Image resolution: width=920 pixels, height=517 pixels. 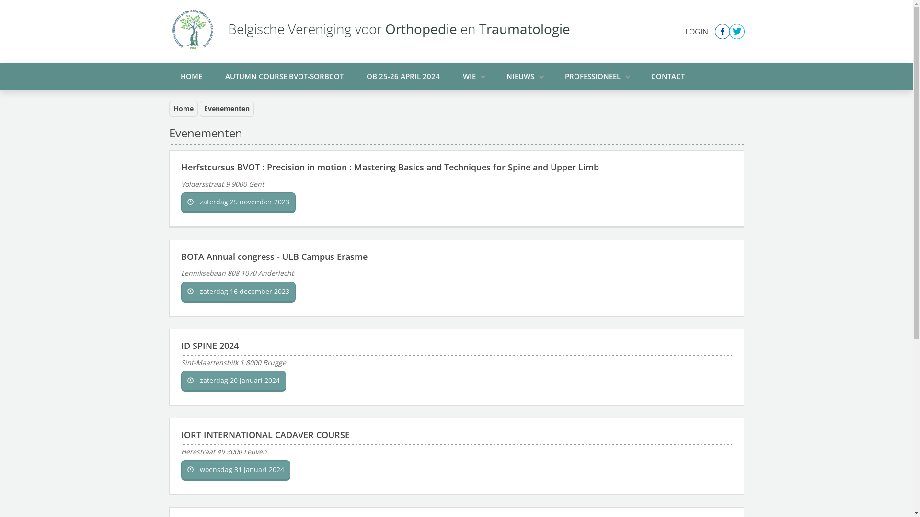 I want to click on 'OB 25-26 APRIL 2024', so click(x=402, y=75).